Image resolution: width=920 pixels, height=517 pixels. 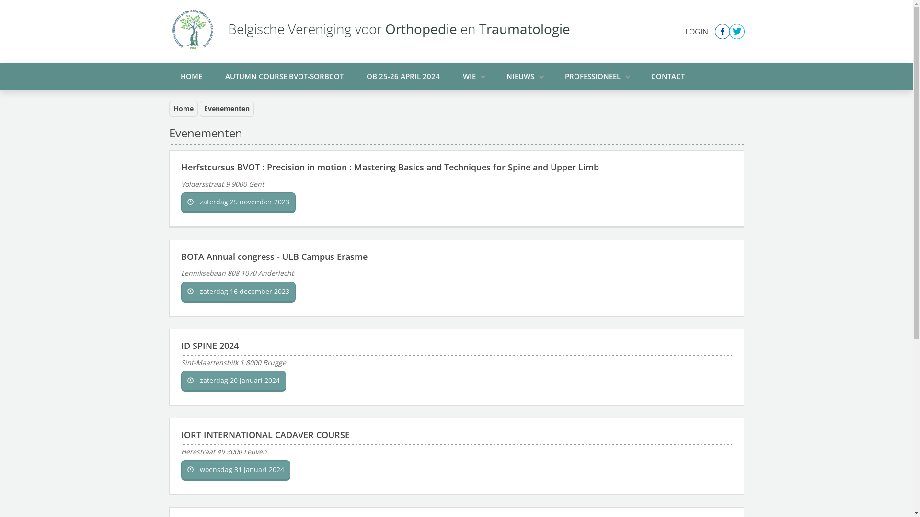 I want to click on 'OB 25-26 APRIL 2024', so click(x=402, y=75).